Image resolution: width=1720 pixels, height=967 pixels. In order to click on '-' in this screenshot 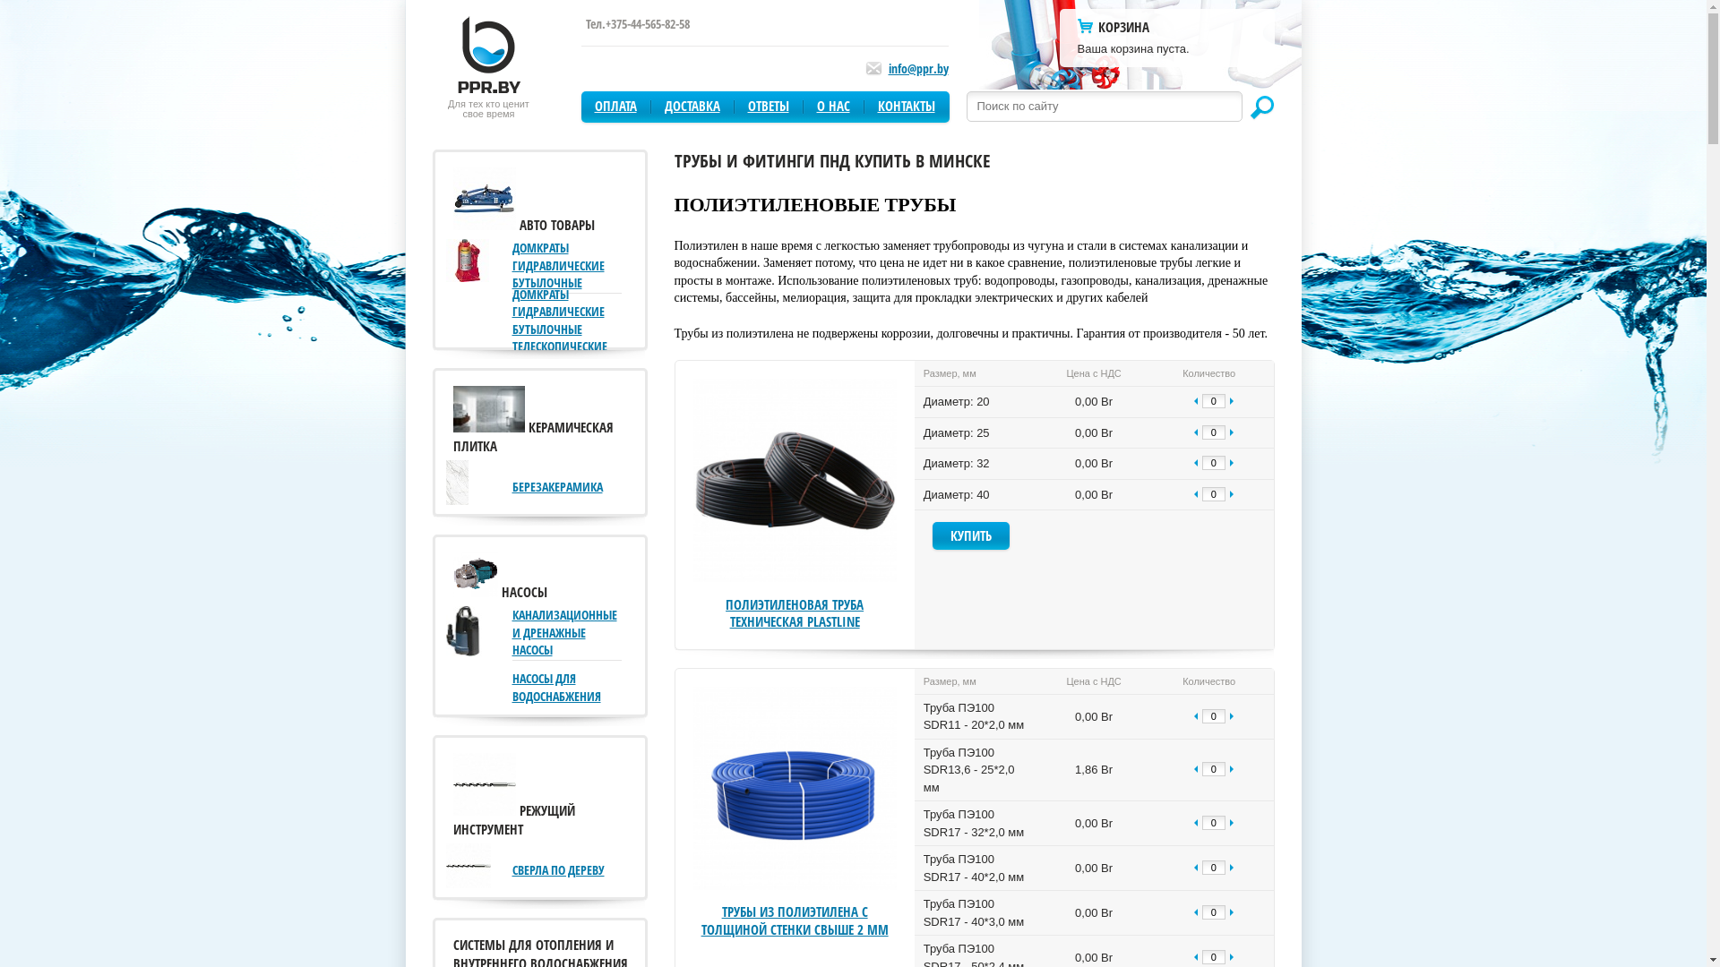, I will do `click(1190, 494)`.